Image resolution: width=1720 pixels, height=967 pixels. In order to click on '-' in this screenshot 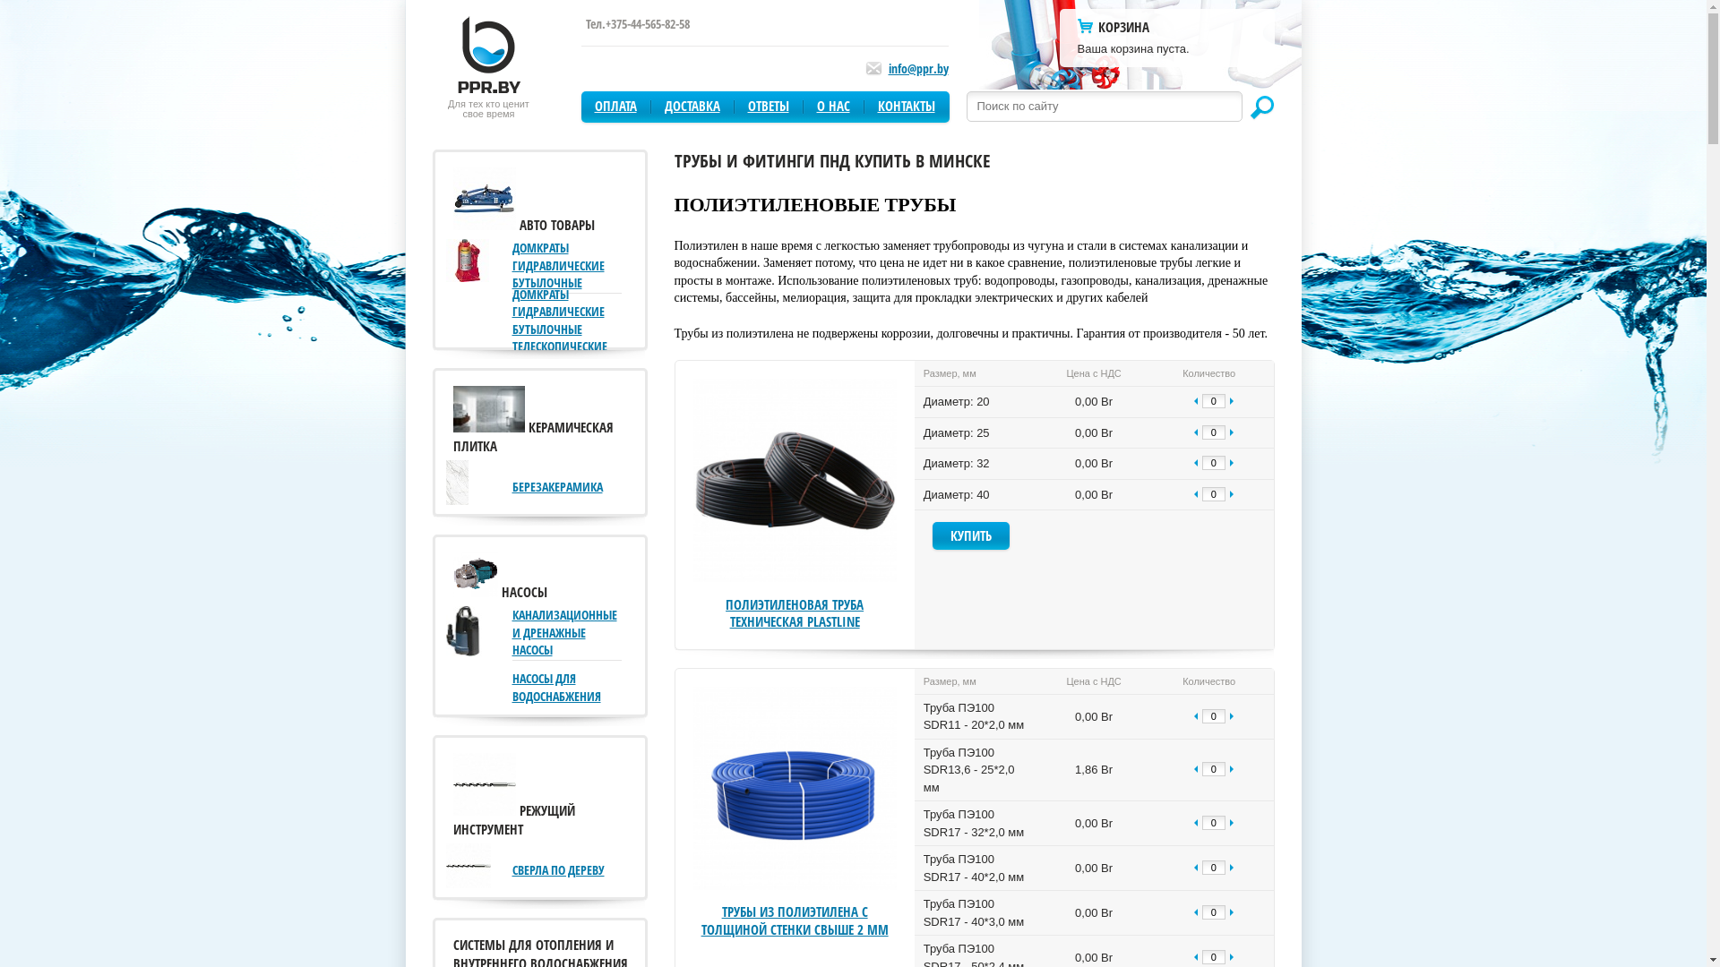, I will do `click(1190, 494)`.